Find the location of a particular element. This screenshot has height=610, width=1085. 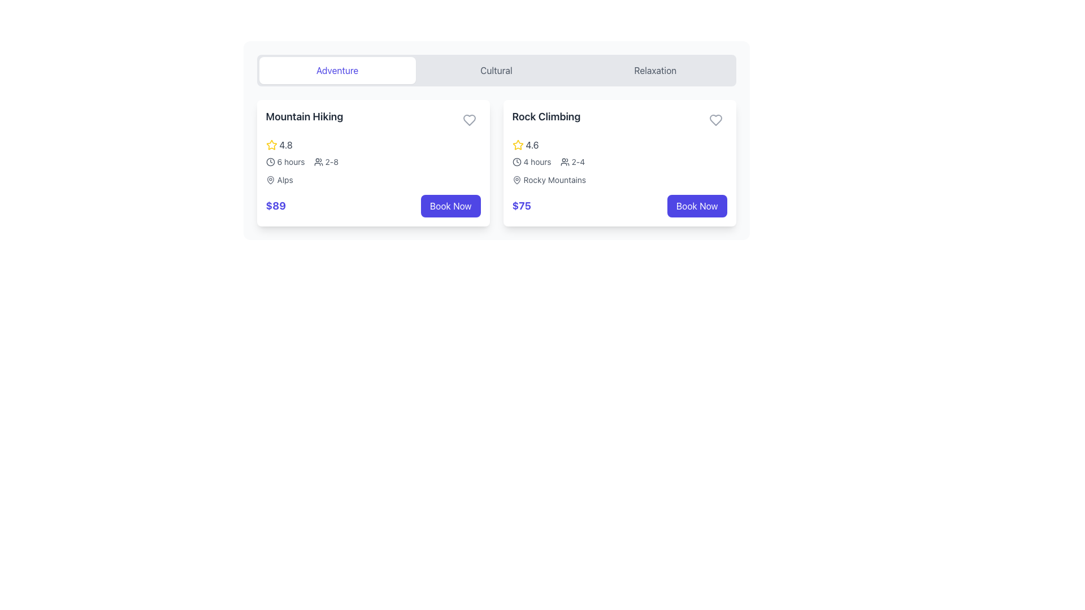

the star icon located within the 'Rock Climbing' card, which represents a rating system with a numerical value of '4.6' is located at coordinates (517, 144).